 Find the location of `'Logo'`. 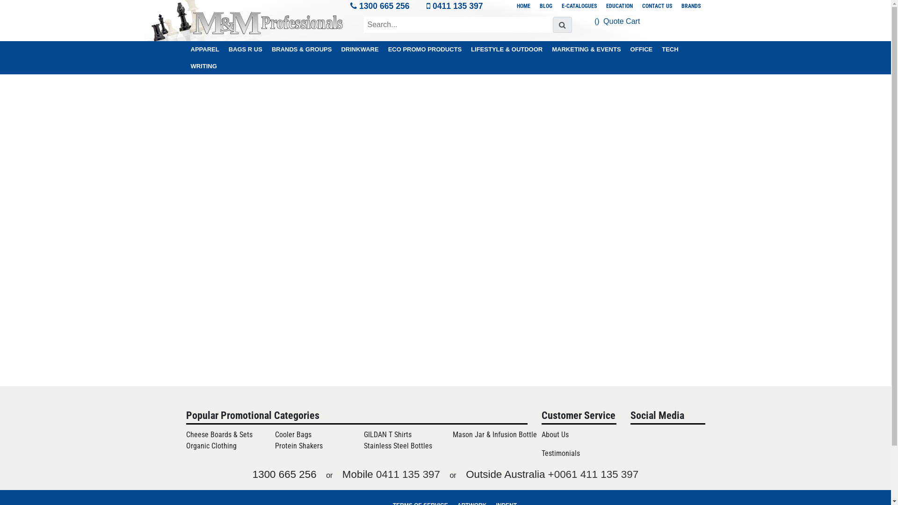

'Logo' is located at coordinates (267, 22).